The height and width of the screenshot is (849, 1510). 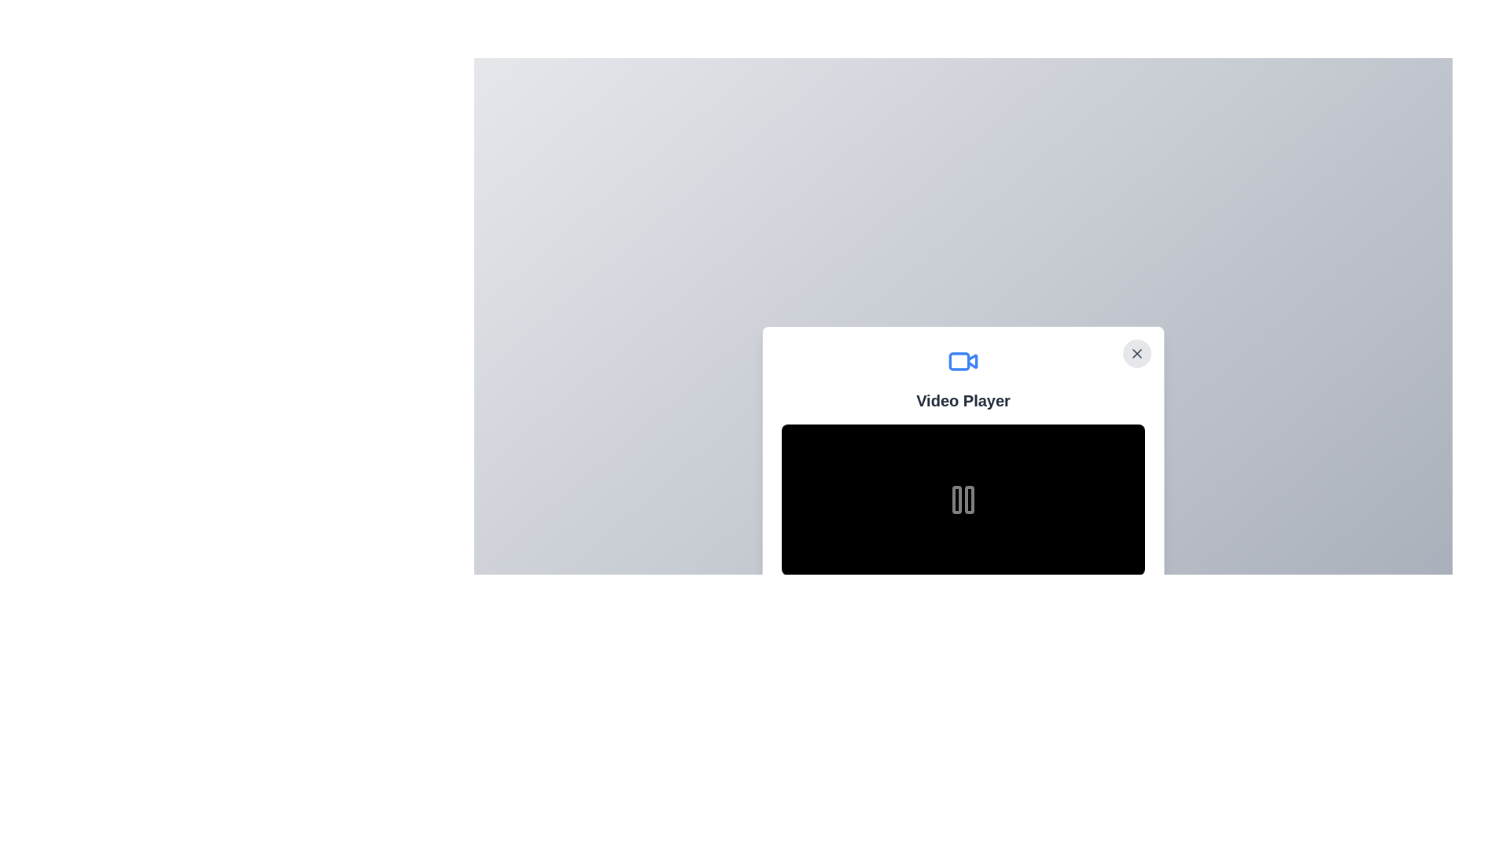 I want to click on the 'Video Player' label, which is displayed in bold, large gray font and positioned centrally below a video icon and above the video content area, so click(x=962, y=399).